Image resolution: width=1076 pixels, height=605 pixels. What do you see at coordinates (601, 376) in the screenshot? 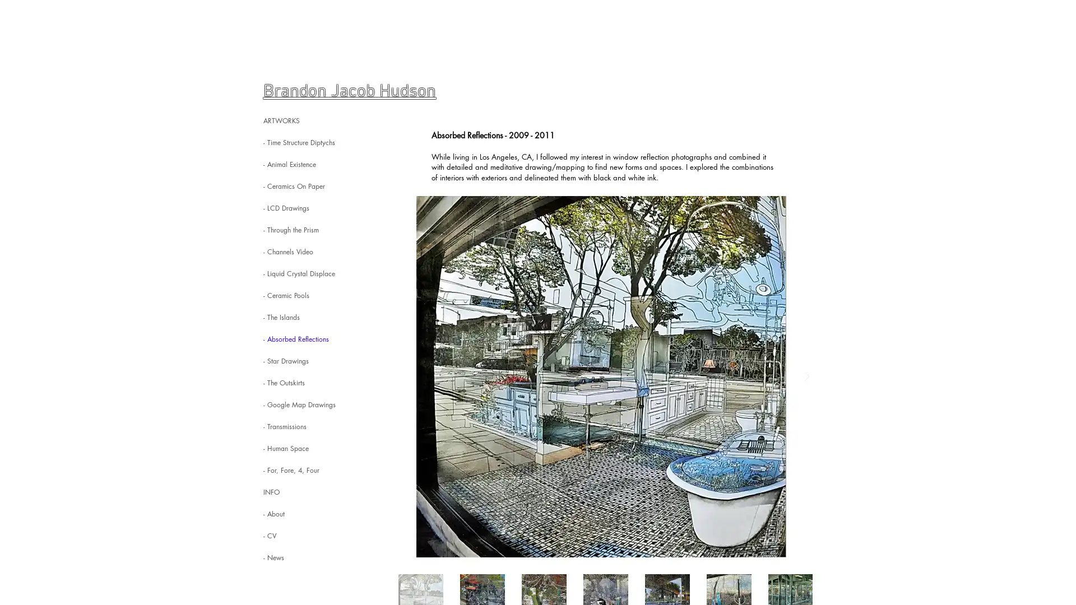
I see `Absorbed Reflection VIII by Brandon Hudson` at bounding box center [601, 376].